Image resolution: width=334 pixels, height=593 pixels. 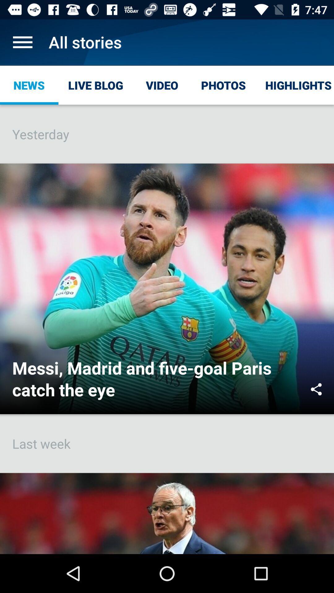 I want to click on icon next to all stories app, so click(x=22, y=42).